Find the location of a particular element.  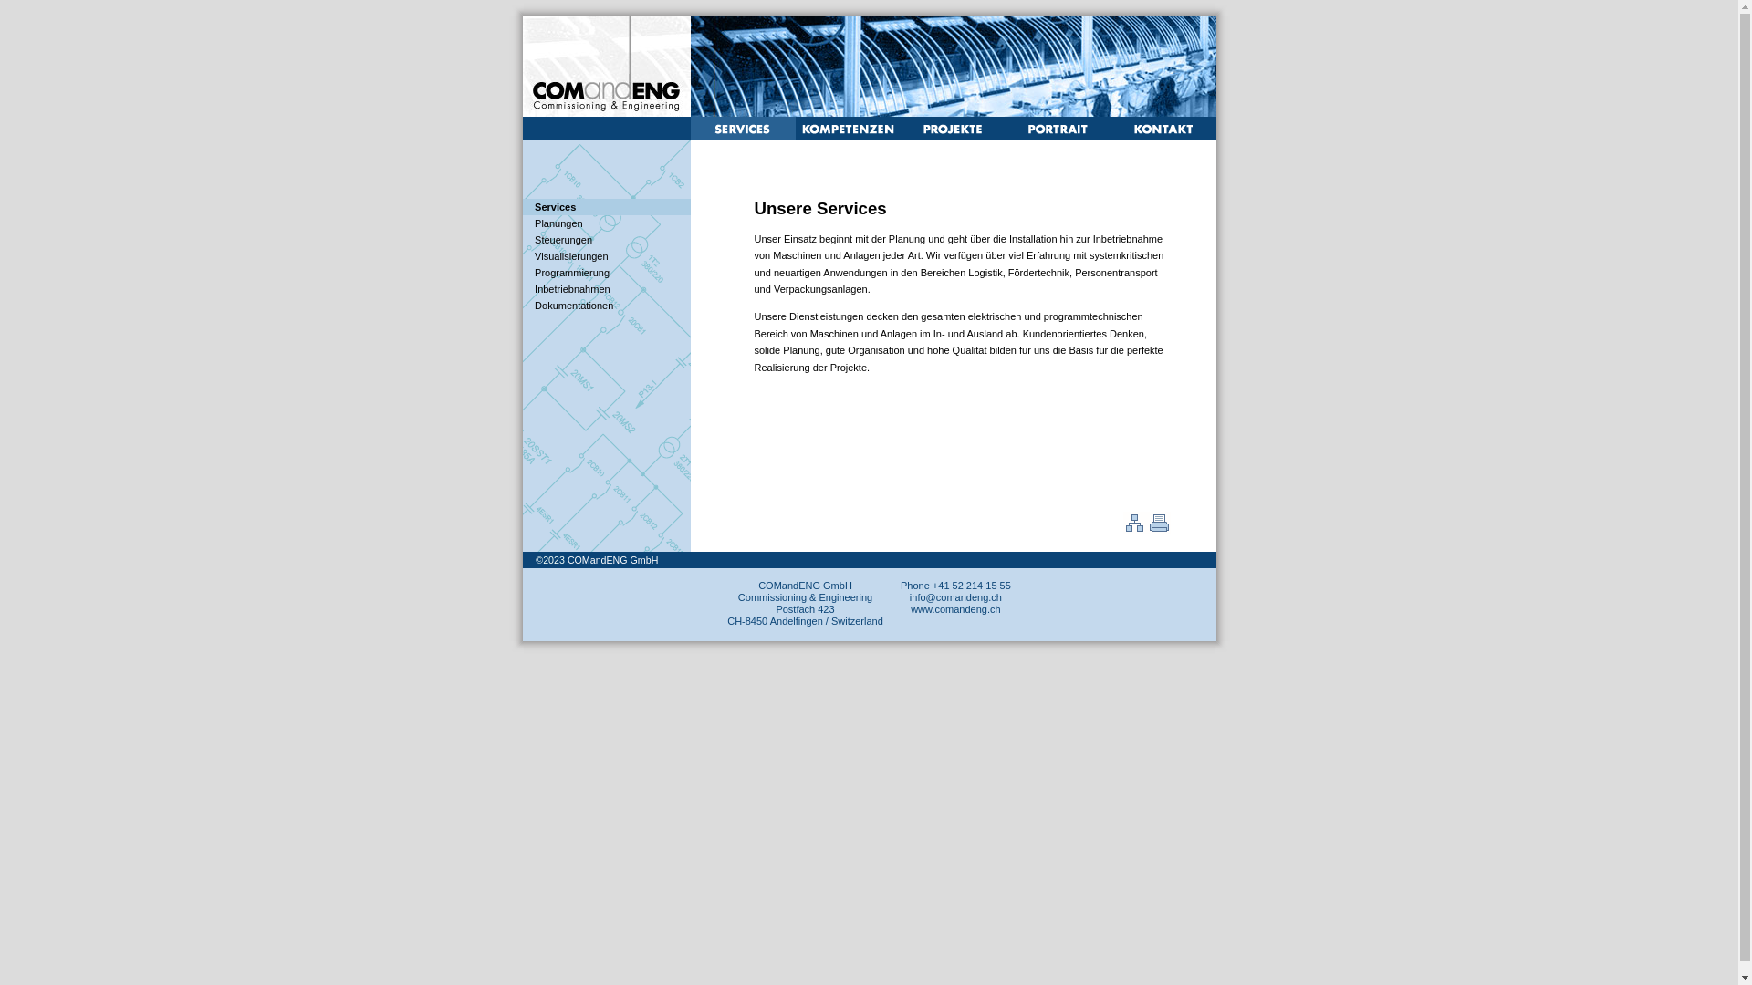

'Planungen' is located at coordinates (558, 223).